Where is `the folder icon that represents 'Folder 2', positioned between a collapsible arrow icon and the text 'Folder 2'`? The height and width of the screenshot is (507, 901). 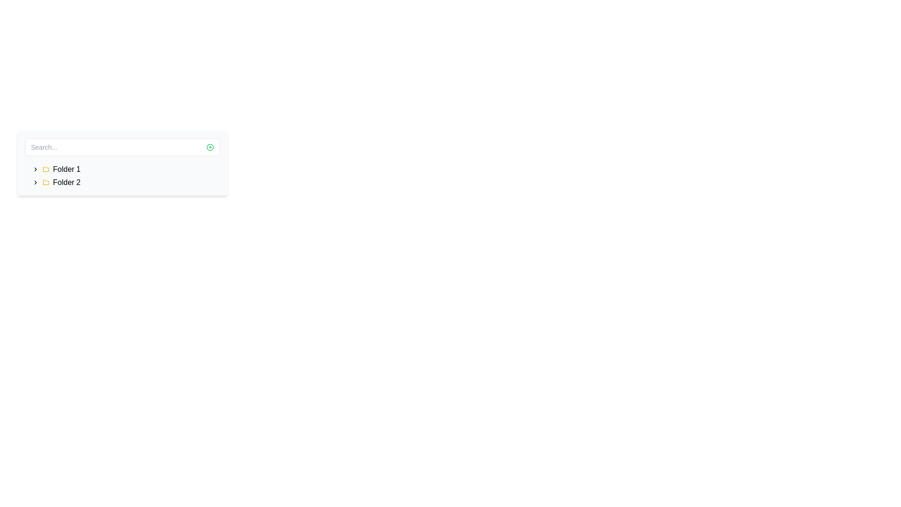 the folder icon that represents 'Folder 2', positioned between a collapsible arrow icon and the text 'Folder 2' is located at coordinates (45, 183).